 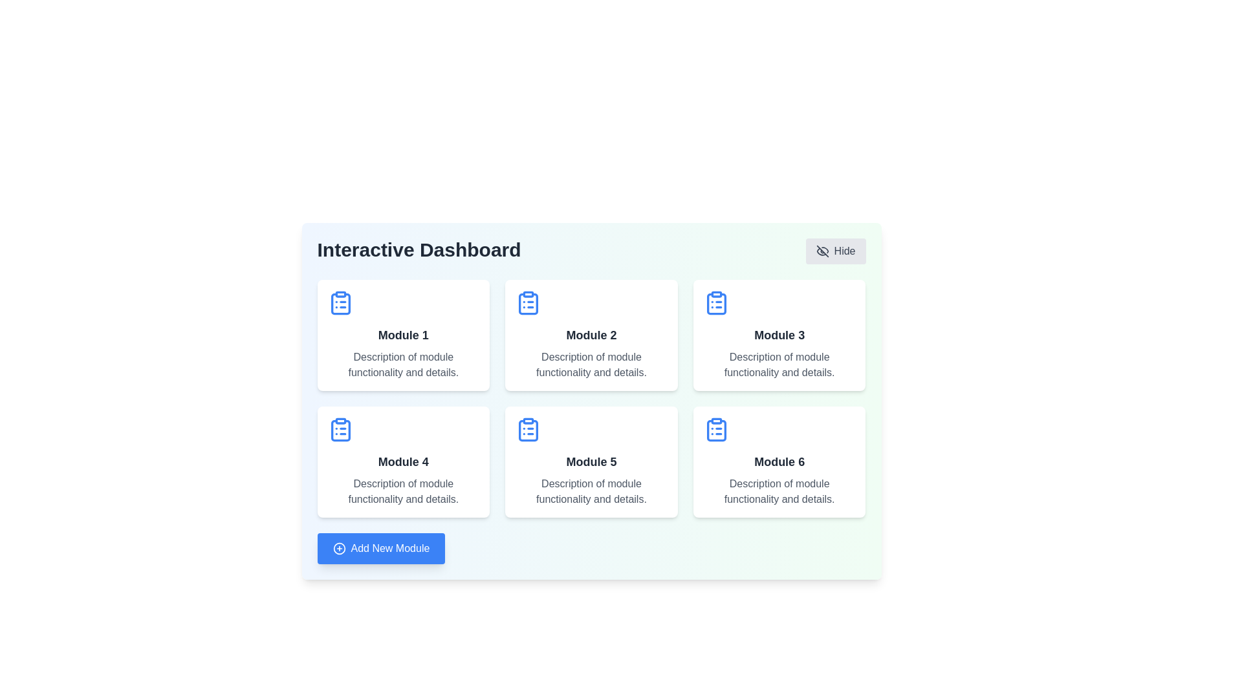 What do you see at coordinates (822, 251) in the screenshot?
I see `the crossed-out eye icon located in the top-right corner of the 'Interactive Dashboard' section` at bounding box center [822, 251].